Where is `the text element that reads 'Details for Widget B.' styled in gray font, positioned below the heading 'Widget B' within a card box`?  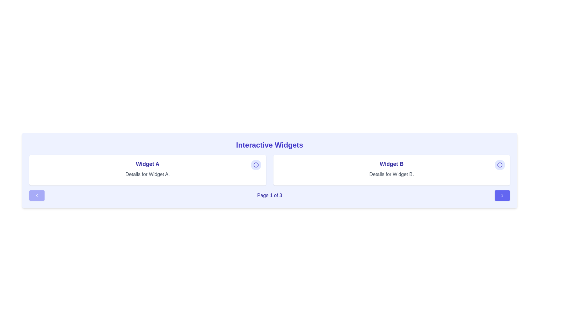 the text element that reads 'Details for Widget B.' styled in gray font, positioned below the heading 'Widget B' within a card box is located at coordinates (392, 174).